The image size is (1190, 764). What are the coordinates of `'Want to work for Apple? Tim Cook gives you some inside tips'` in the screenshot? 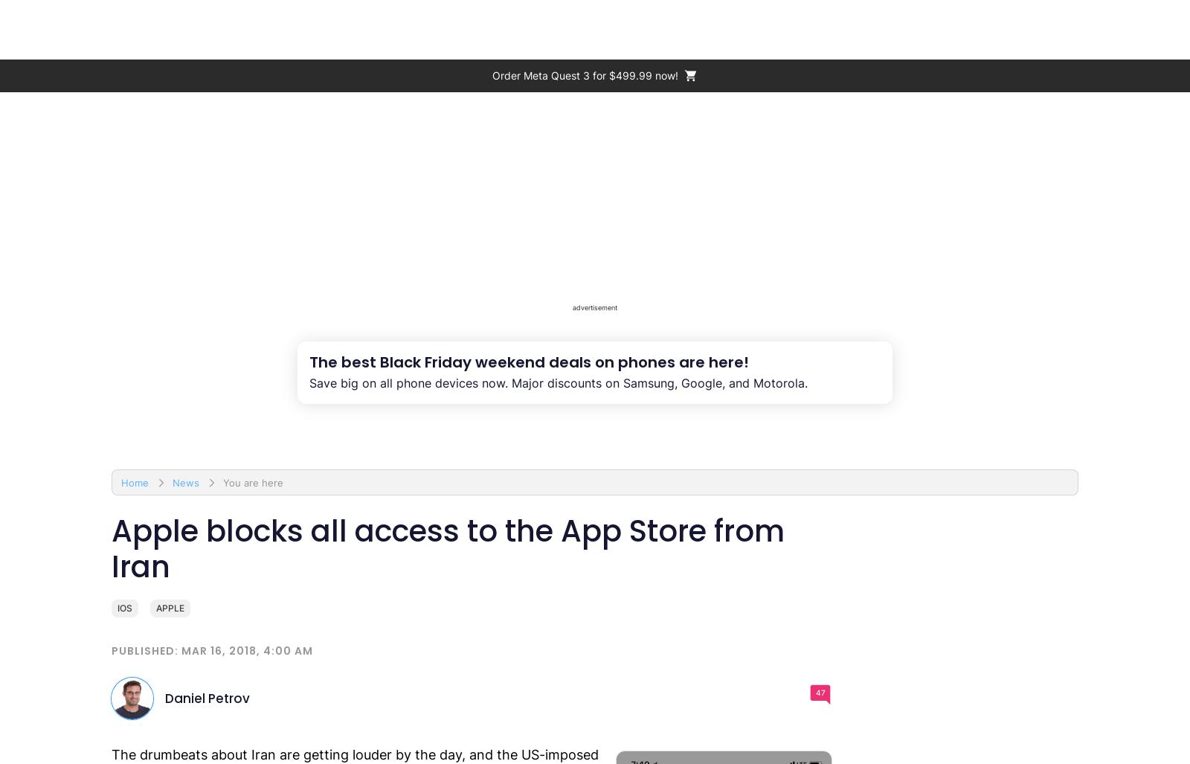 It's located at (305, 457).